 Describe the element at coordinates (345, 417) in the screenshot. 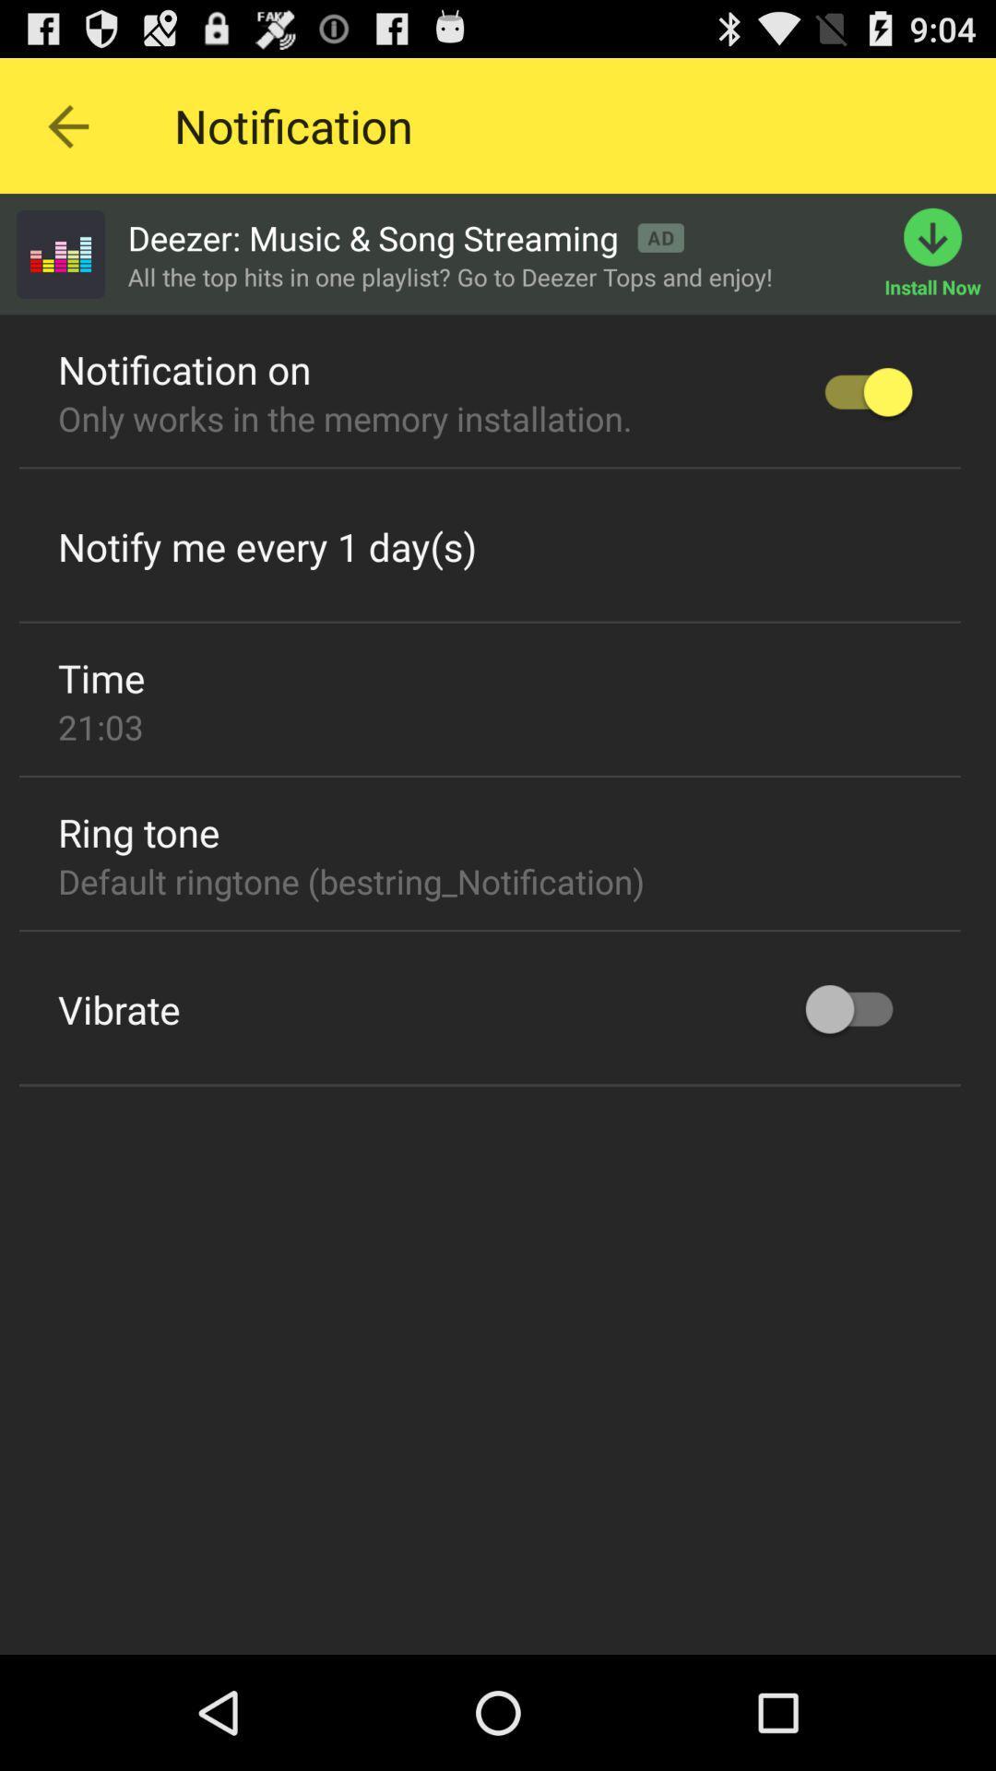

I see `the item below notification on icon` at that location.